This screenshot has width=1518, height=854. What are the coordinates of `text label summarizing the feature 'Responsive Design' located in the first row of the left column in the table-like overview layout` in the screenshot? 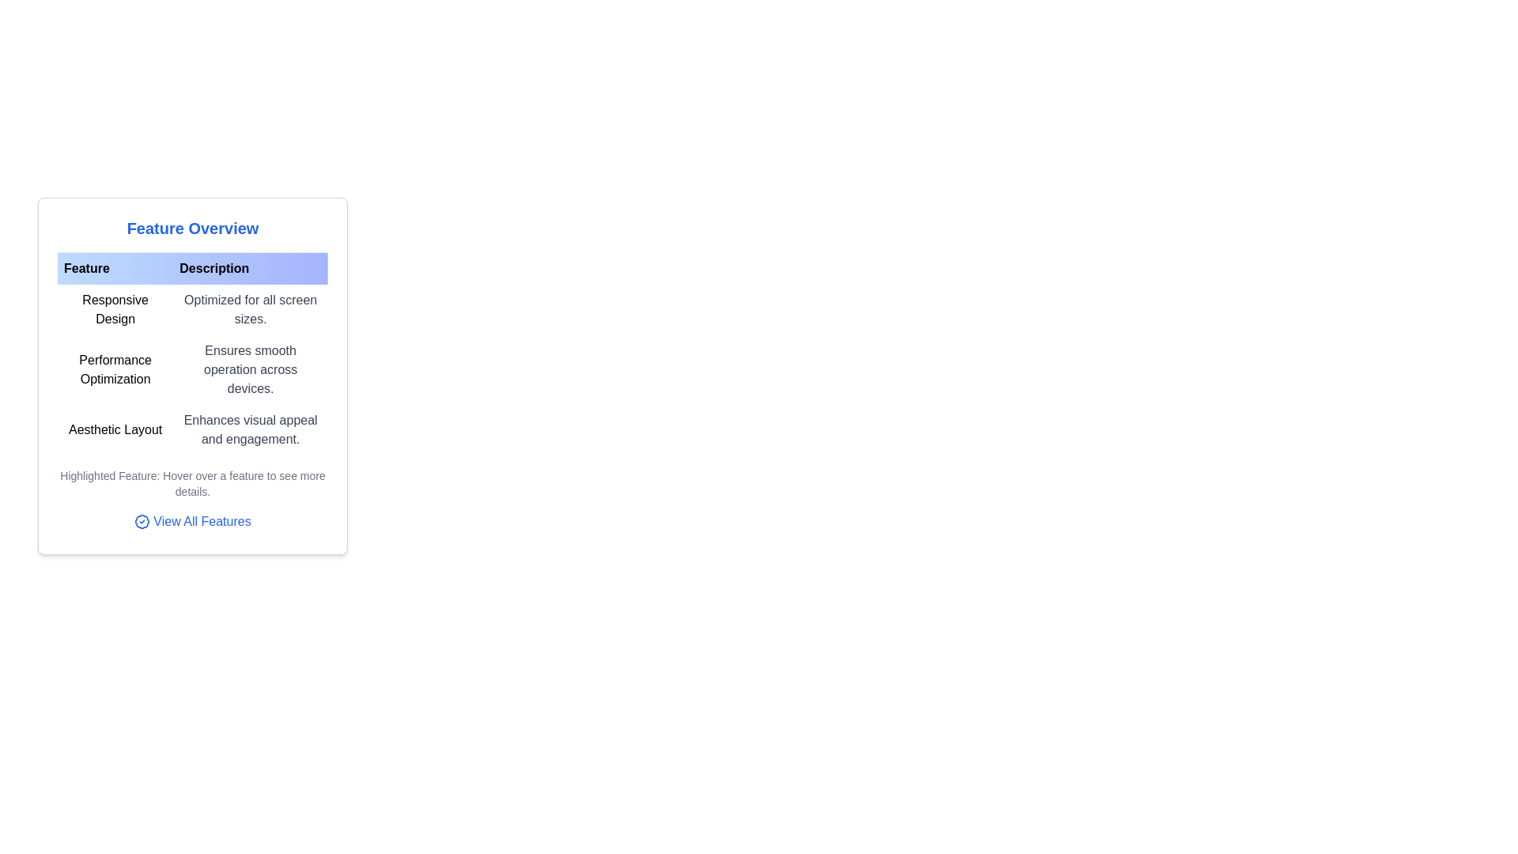 It's located at (115, 310).